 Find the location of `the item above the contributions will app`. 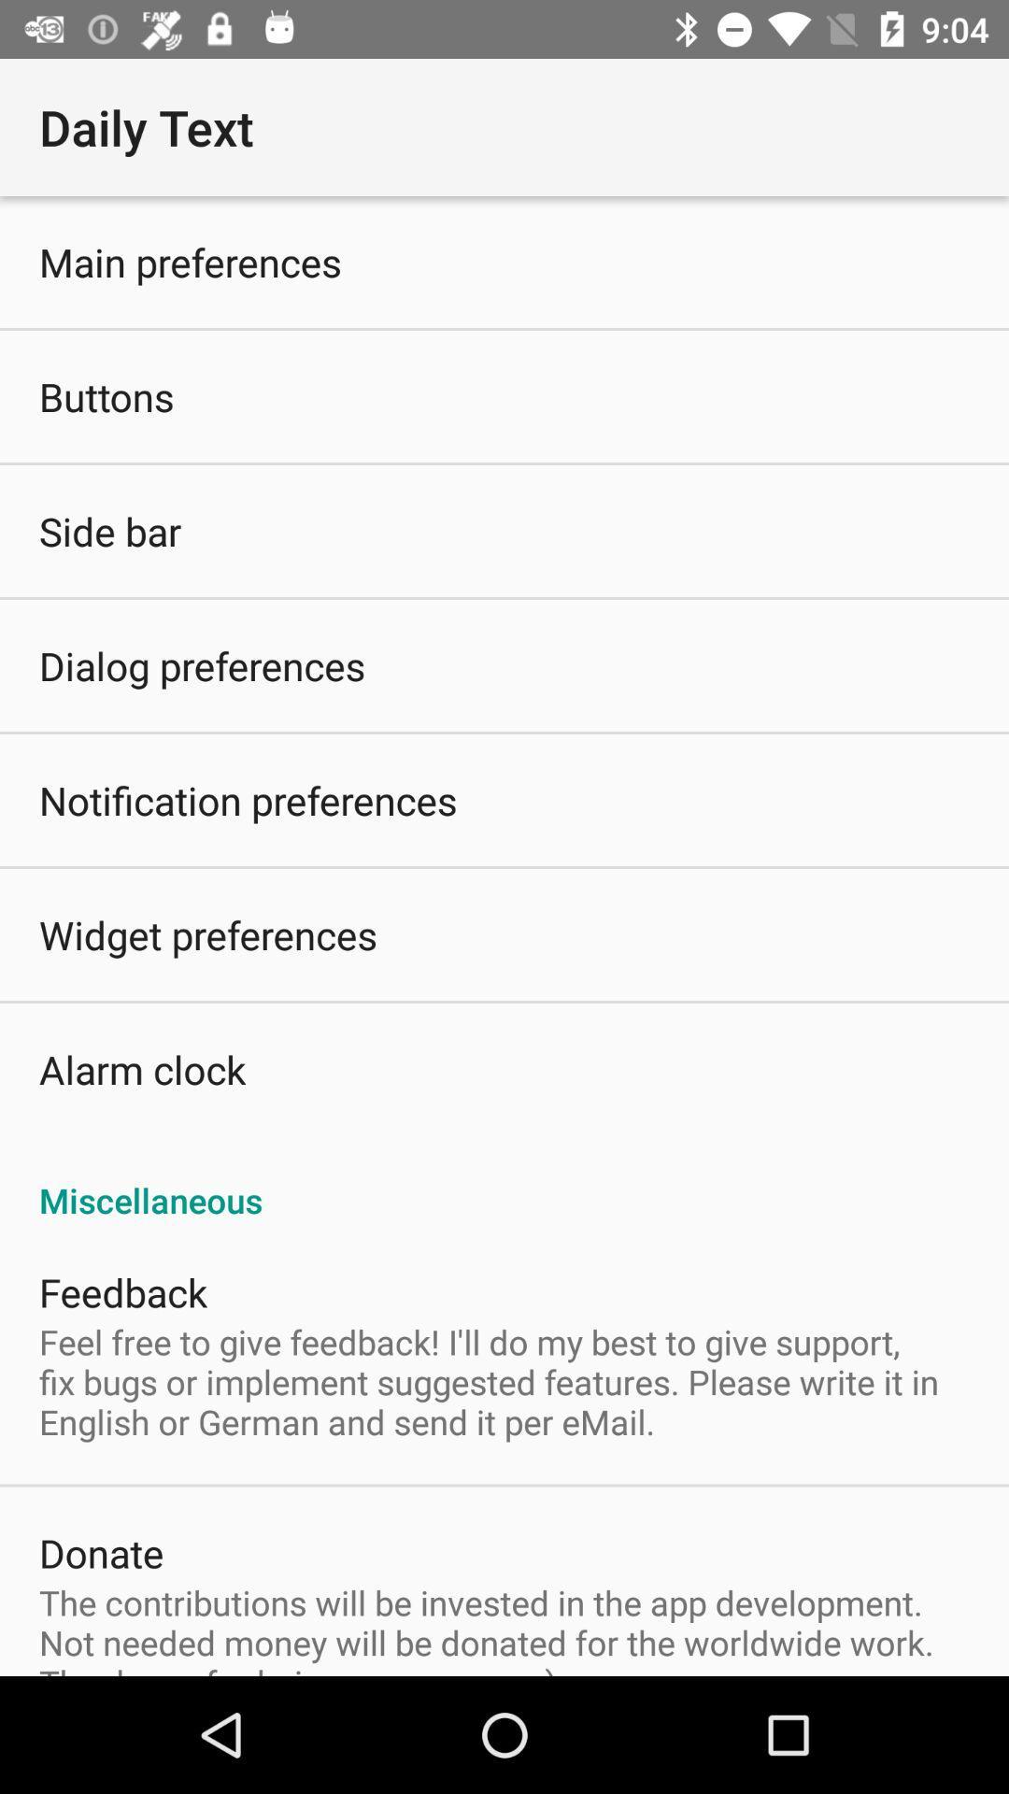

the item above the contributions will app is located at coordinates (101, 1552).